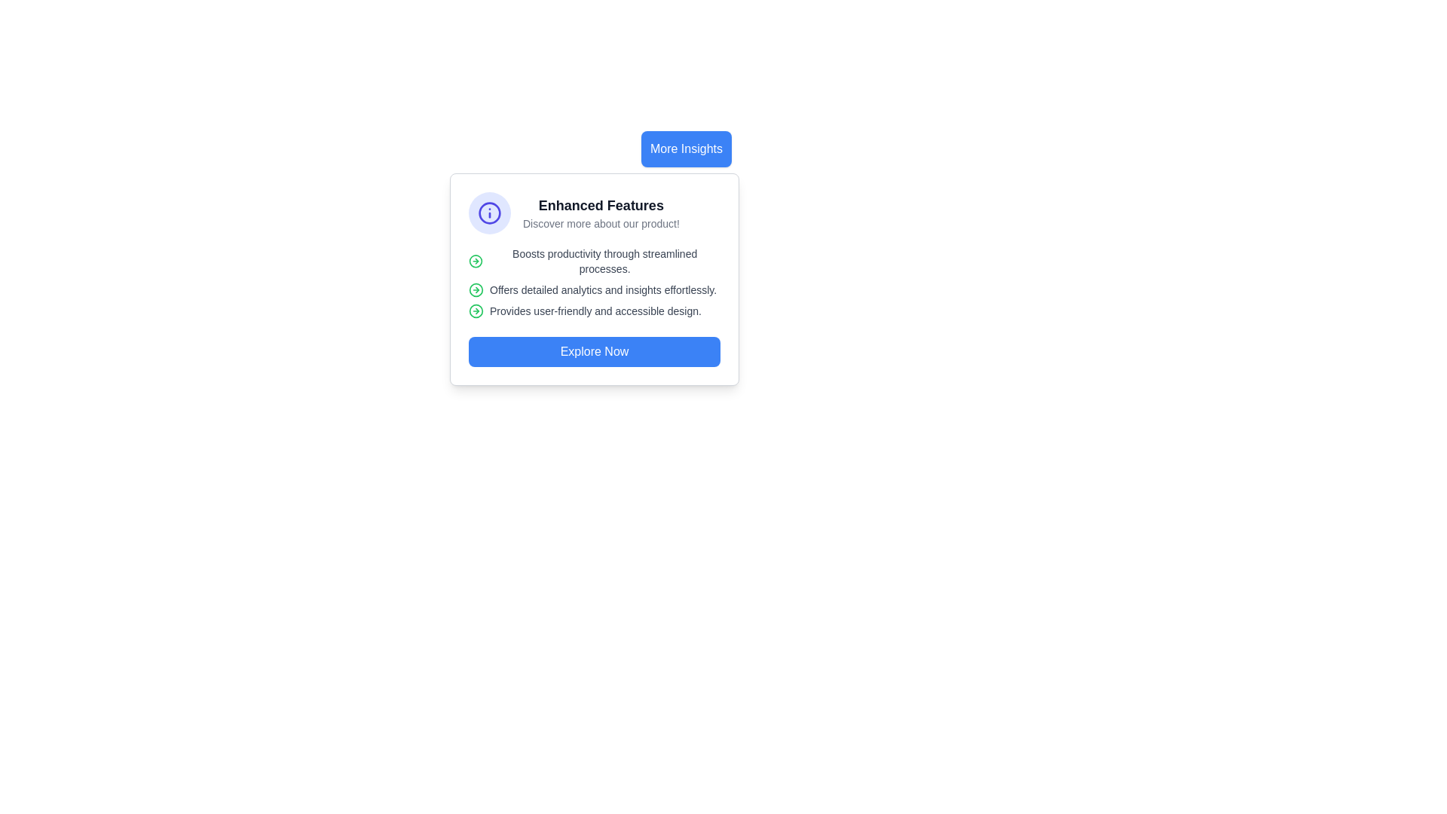 This screenshot has width=1447, height=814. Describe the element at coordinates (593, 351) in the screenshot. I see `the blue rectangular button labeled 'Explore Now' located at the bottom center of the card layout` at that location.